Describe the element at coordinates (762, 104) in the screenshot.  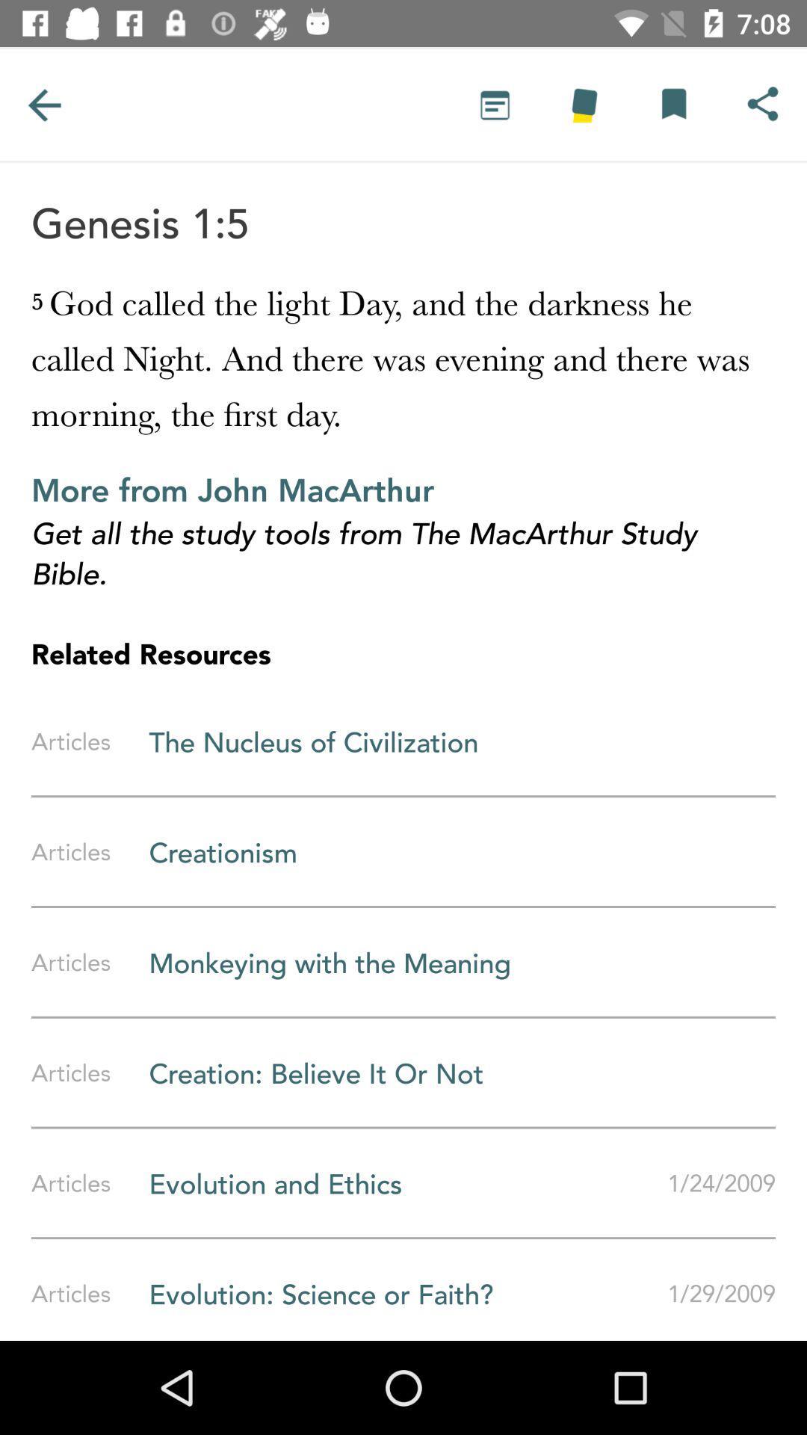
I see `opens menu to share bible verse` at that location.